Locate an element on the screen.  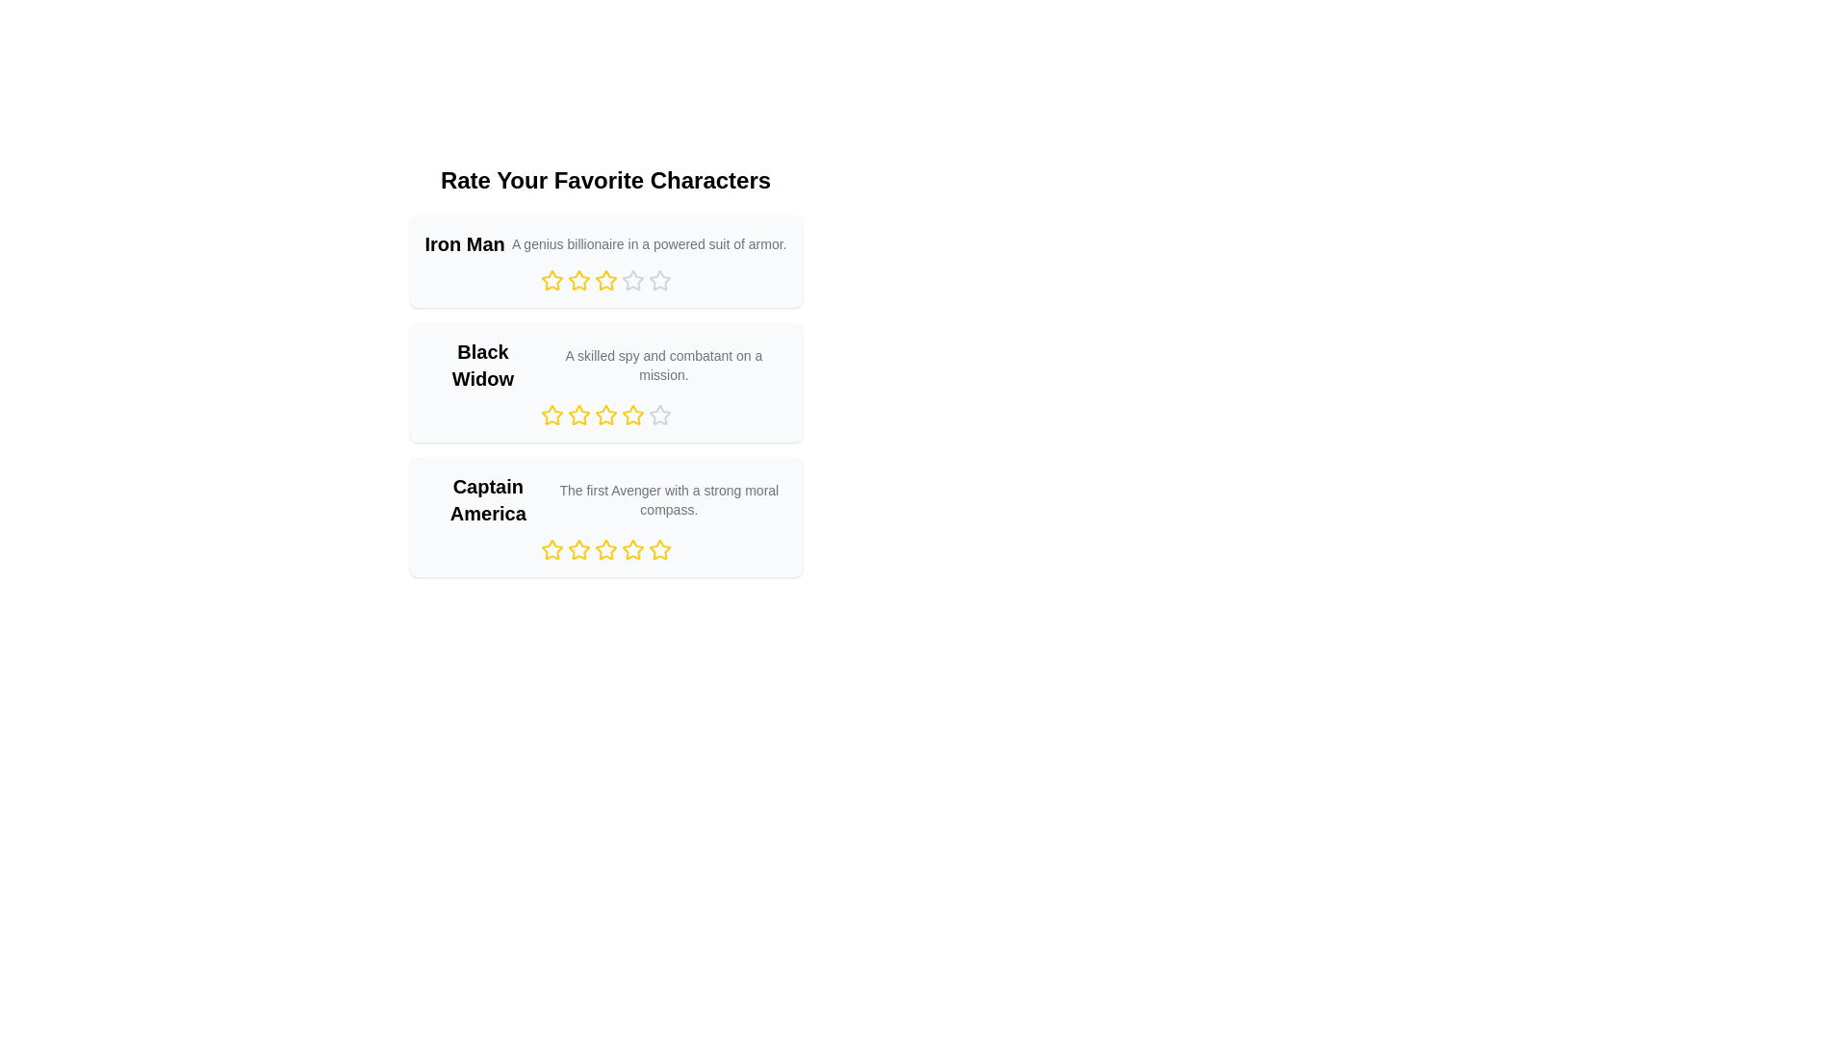
the fourth star icon (gray, unselected) in the rating scale for the 'Iron Man' row is located at coordinates (632, 281).